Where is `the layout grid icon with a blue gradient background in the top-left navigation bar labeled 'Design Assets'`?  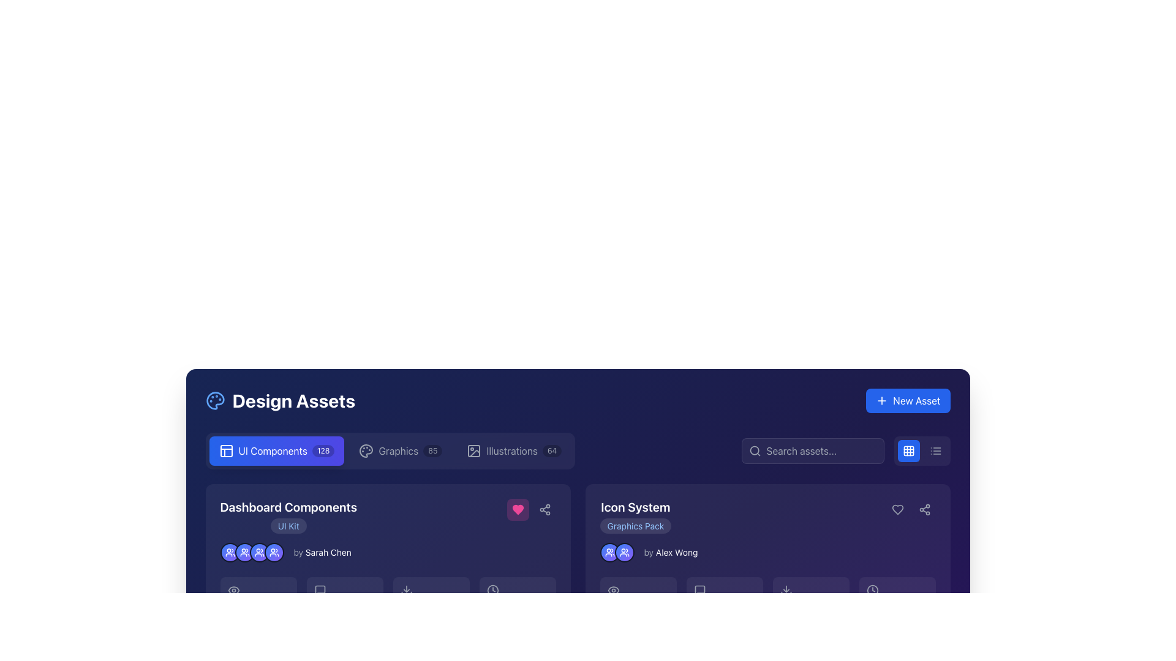
the layout grid icon with a blue gradient background in the top-left navigation bar labeled 'Design Assets' is located at coordinates (226, 450).